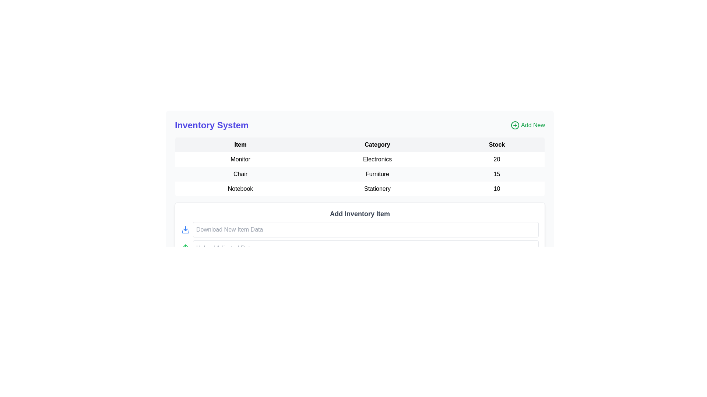 This screenshot has width=707, height=397. I want to click on the Download icon located in the 'Add Inventory Item' section below the 'Inventory System' table to initiate the download of associated data, so click(186, 229).